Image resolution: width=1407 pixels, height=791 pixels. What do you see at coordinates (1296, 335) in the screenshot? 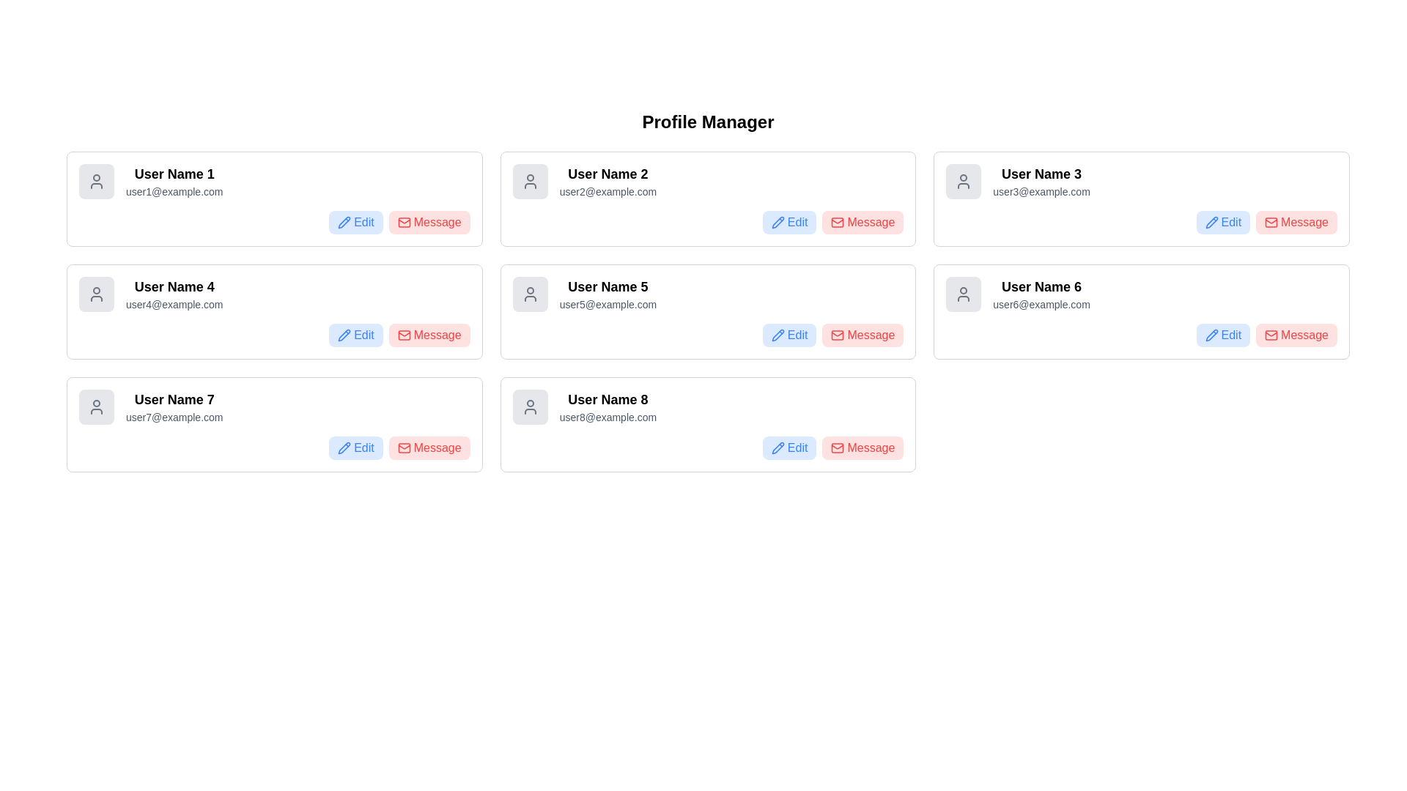
I see `the interactive button to initiate a message interaction with 'User Name 6', located in the user profile section to the right of the 'Edit' button and below the 'Message' button for 'User Name 3'` at bounding box center [1296, 335].